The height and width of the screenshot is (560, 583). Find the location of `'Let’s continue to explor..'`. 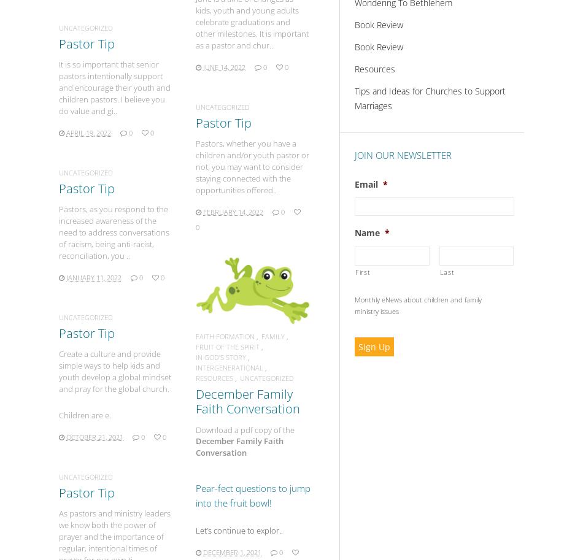

'Let’s continue to explor..' is located at coordinates (238, 530).